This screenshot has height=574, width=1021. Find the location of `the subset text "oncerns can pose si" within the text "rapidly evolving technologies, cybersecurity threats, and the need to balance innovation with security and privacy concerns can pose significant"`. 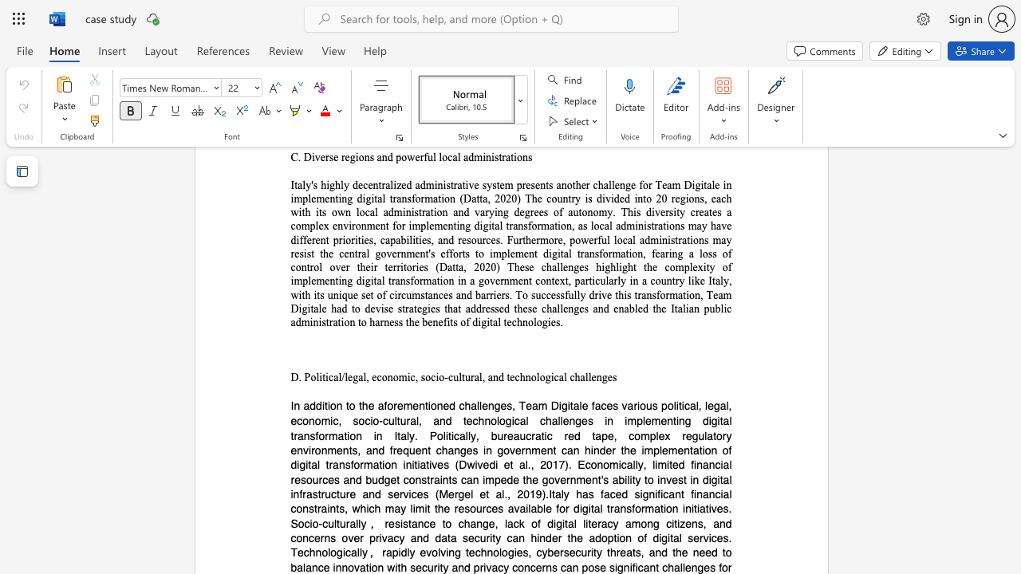

the subset text "oncerns can pose si" within the text "rapidly evolving technologies, cybersecurity threats, and the need to balance innovation with security and privacy concerns can pose significant" is located at coordinates (518, 566).